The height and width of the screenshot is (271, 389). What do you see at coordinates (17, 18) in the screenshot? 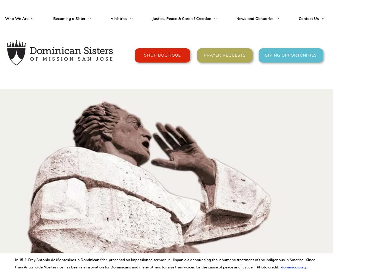
I see `'Who We Are'` at bounding box center [17, 18].